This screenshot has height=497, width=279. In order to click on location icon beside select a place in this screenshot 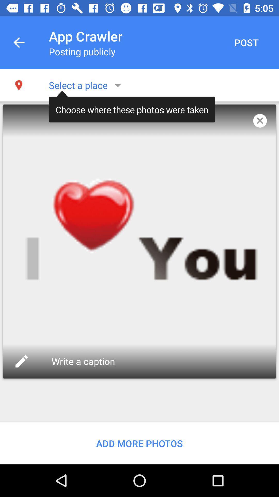, I will do `click(19, 85)`.